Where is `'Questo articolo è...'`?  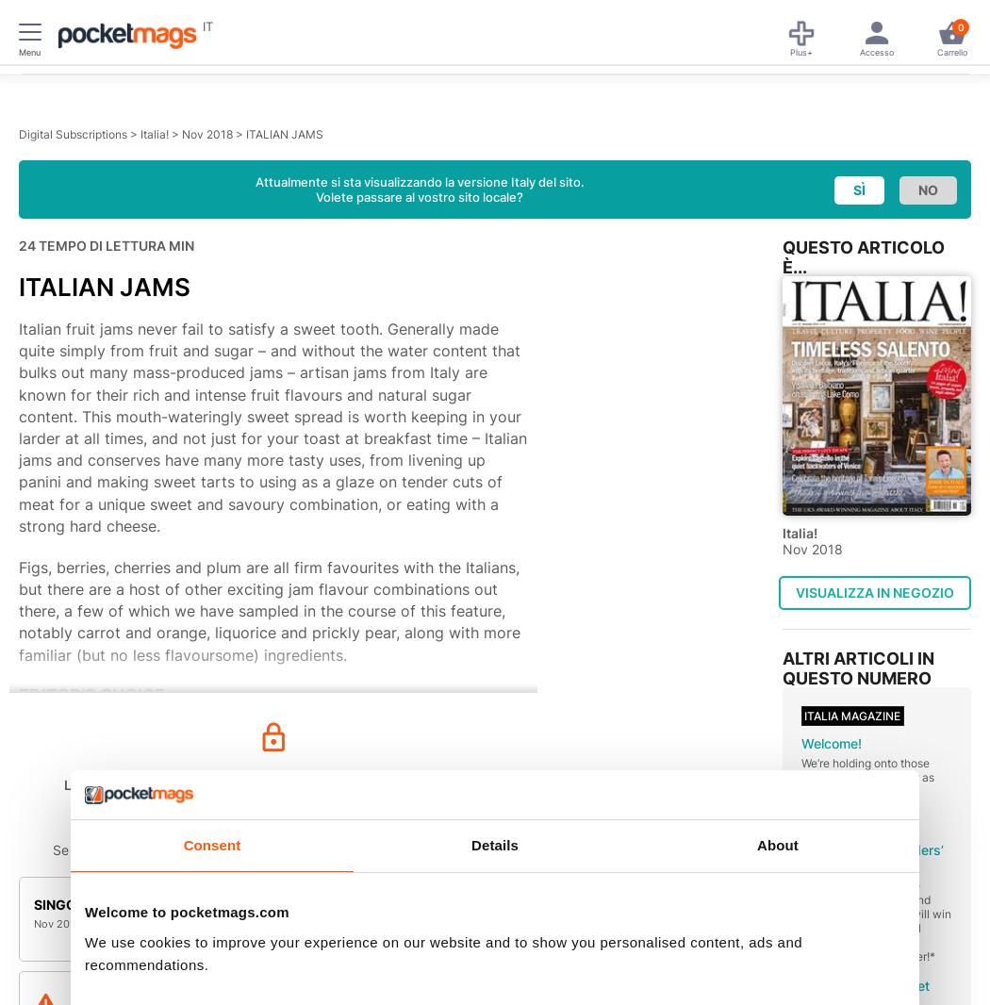
'Questo articolo è...' is located at coordinates (864, 257).